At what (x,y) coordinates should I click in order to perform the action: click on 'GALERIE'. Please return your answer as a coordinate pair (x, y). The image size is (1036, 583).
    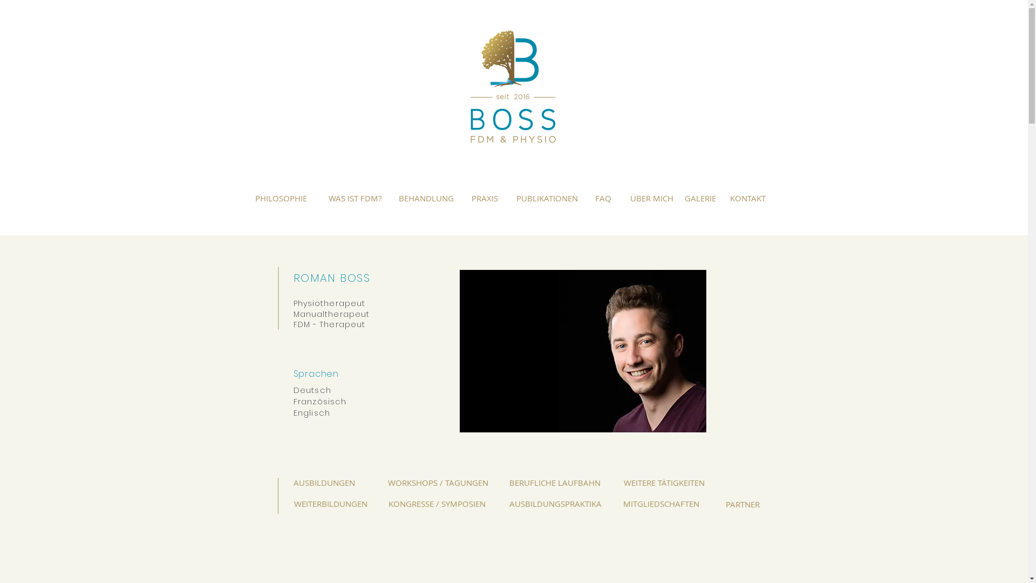
    Looking at the image, I should click on (700, 198).